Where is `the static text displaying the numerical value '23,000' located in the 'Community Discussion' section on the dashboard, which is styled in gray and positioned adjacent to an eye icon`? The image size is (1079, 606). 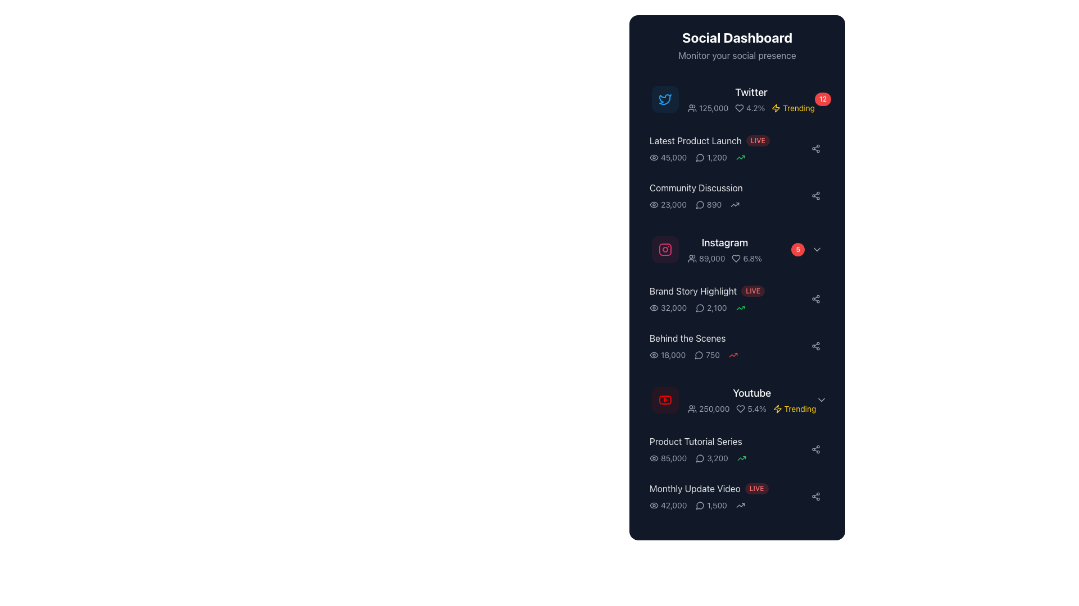 the static text displaying the numerical value '23,000' located in the 'Community Discussion' section on the dashboard, which is styled in gray and positioned adjacent to an eye icon is located at coordinates (668, 205).